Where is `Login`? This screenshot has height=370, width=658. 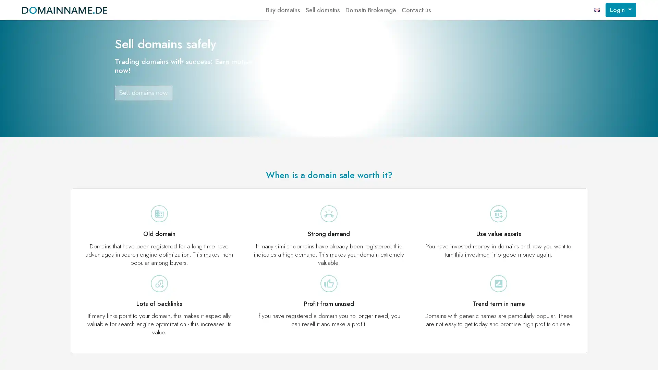 Login is located at coordinates (620, 10).